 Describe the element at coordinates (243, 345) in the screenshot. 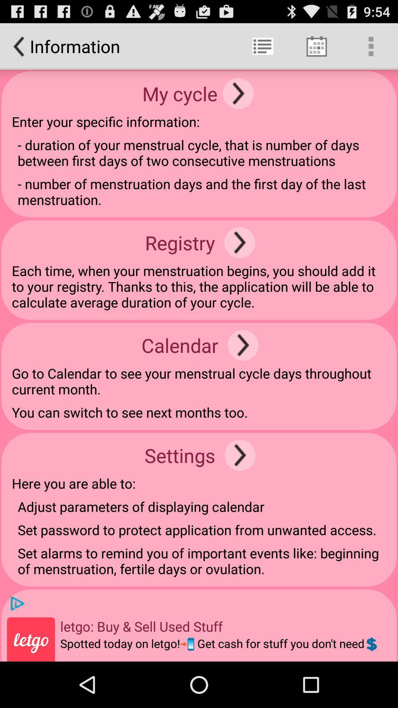

I see `icon next to the calendar icon` at that location.